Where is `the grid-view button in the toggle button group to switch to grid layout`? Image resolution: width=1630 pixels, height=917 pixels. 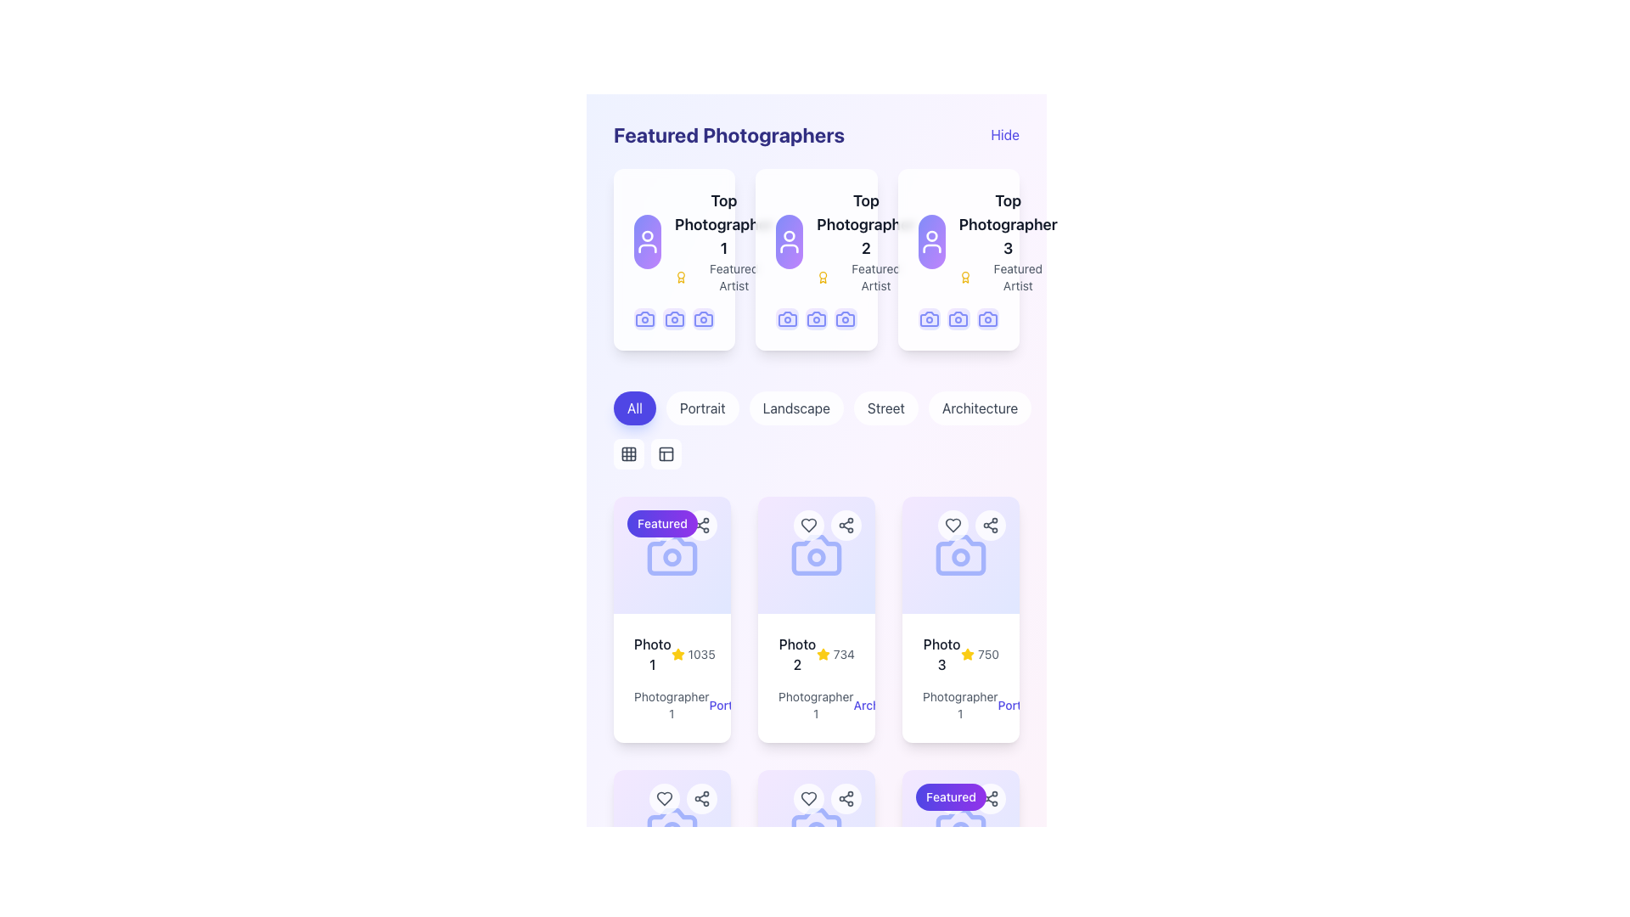 the grid-view button in the toggle button group to switch to grid layout is located at coordinates (647, 453).